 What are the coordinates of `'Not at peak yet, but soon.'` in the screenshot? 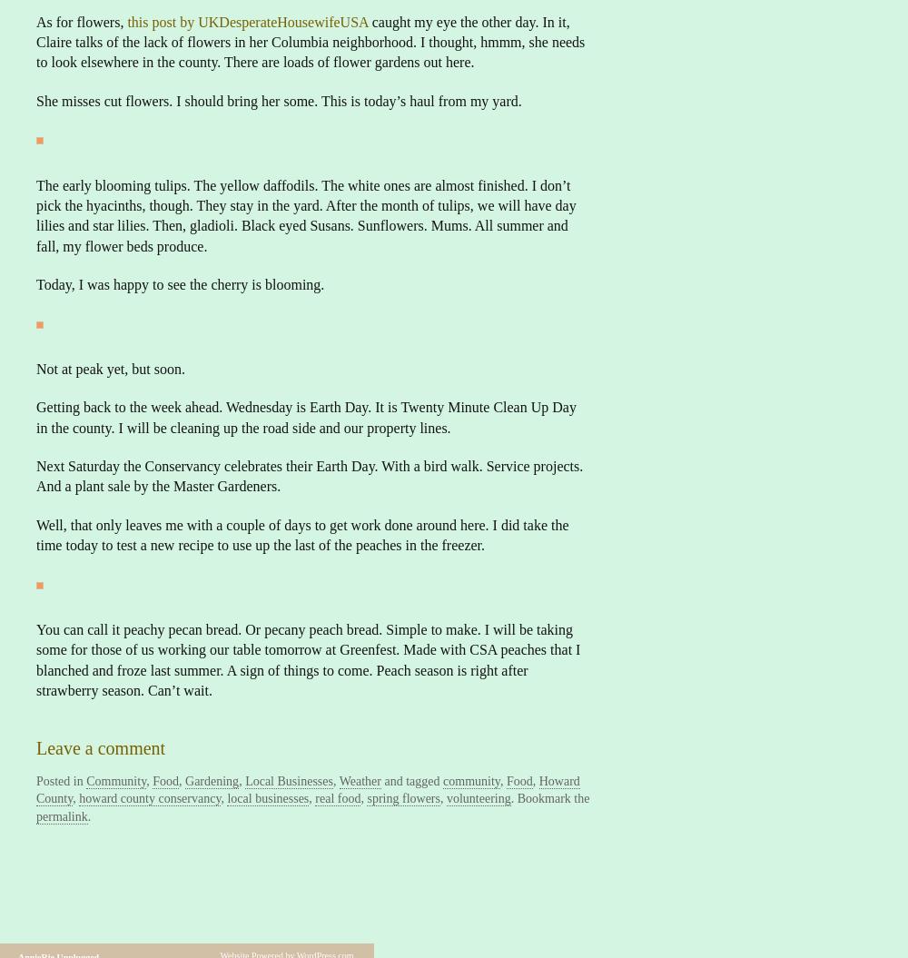 It's located at (109, 368).